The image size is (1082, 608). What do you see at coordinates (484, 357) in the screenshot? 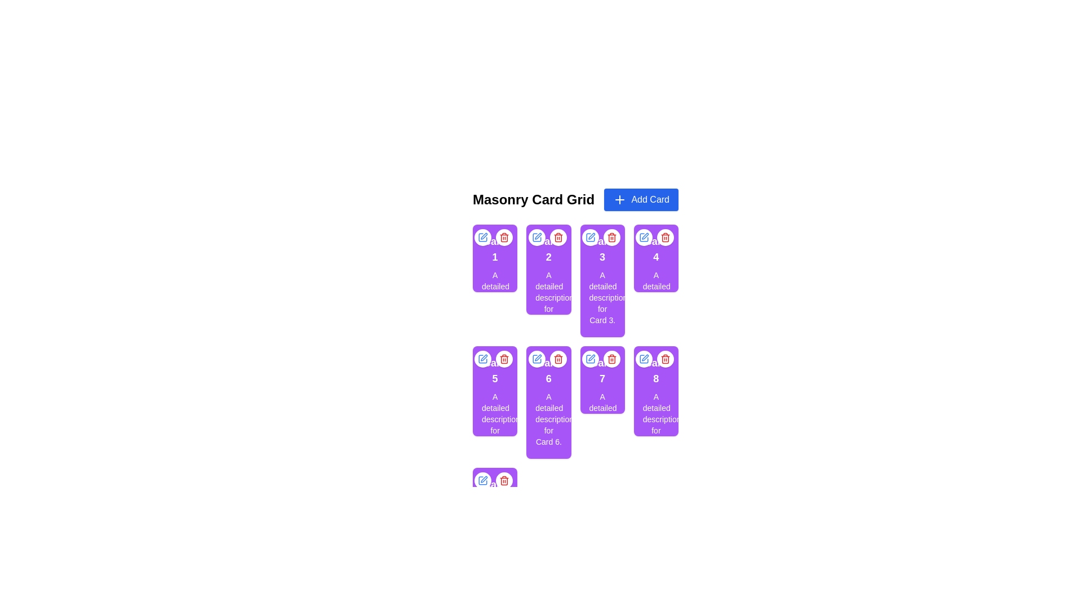
I see `the pen or pencil icon in the SVG graphic located near the upper-left corner of card '1'` at bounding box center [484, 357].